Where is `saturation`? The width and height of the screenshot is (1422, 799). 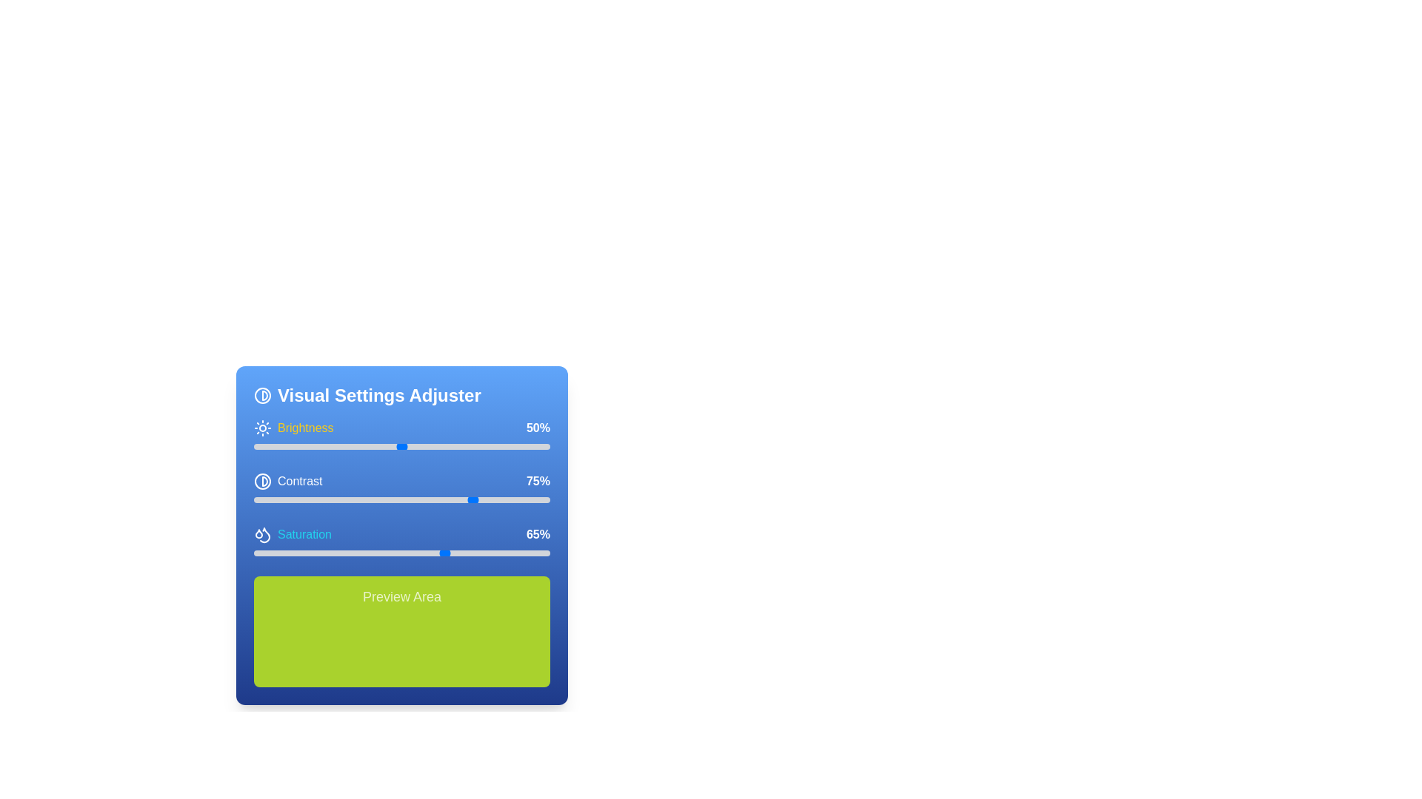 saturation is located at coordinates (533, 553).